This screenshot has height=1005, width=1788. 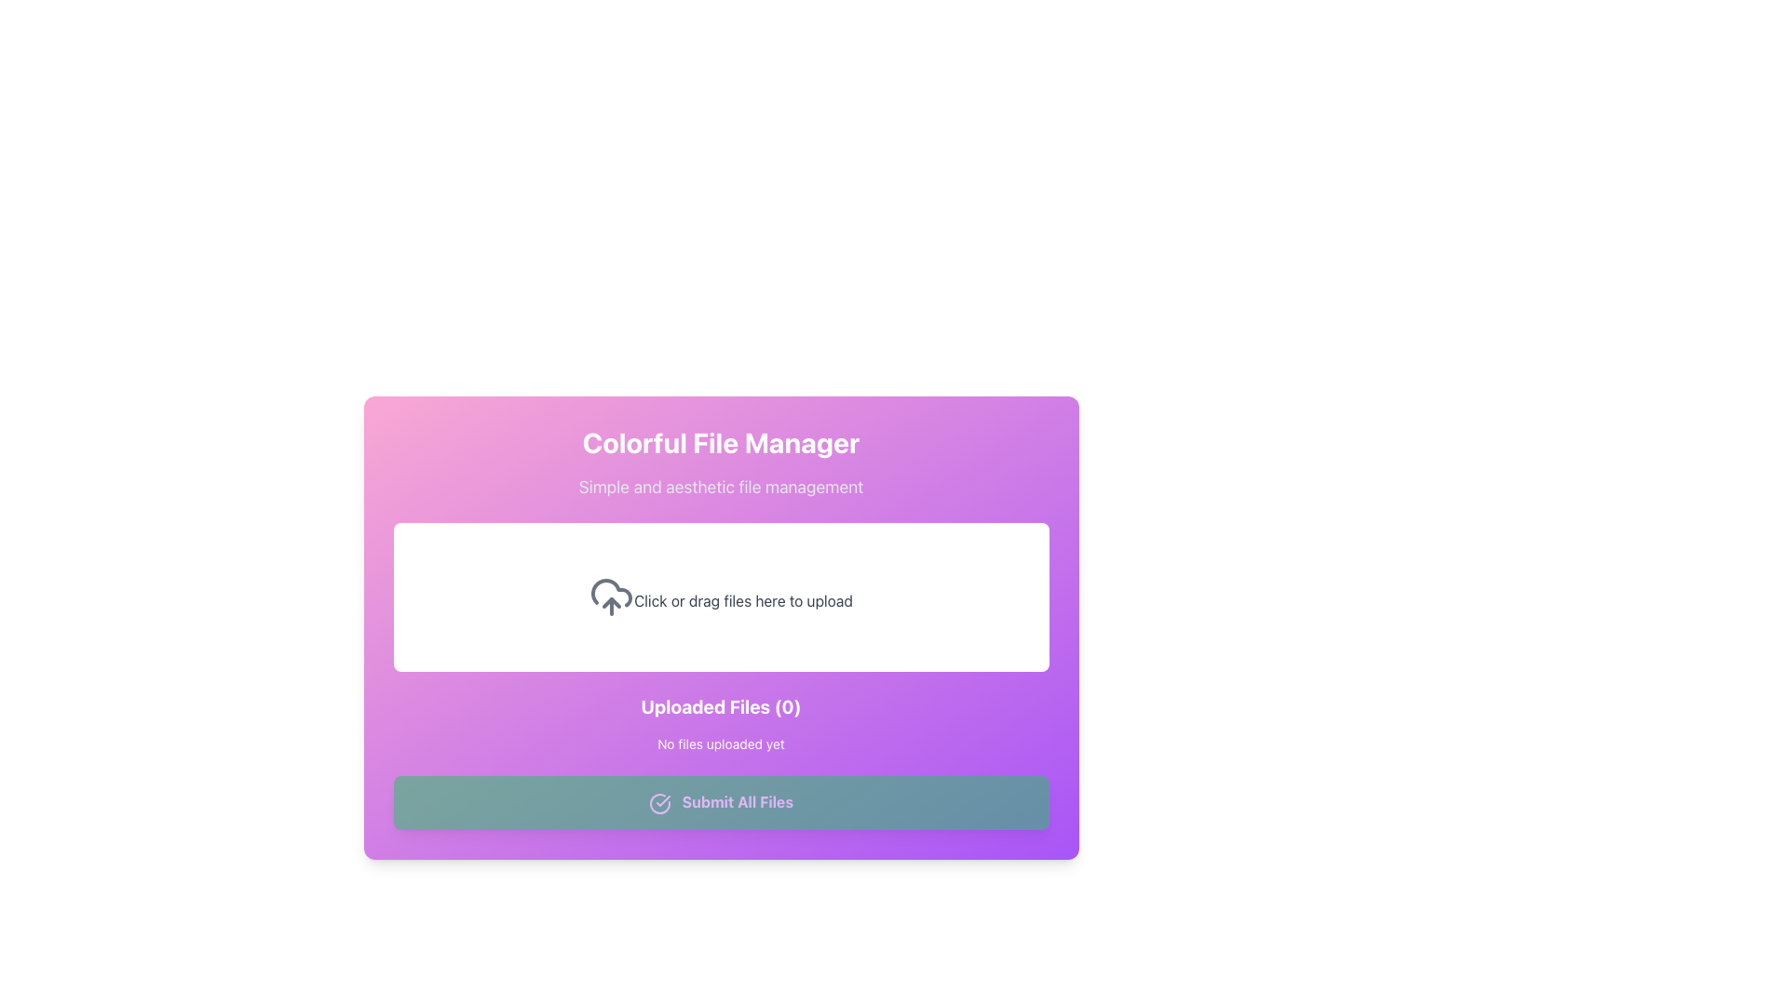 What do you see at coordinates (720, 706) in the screenshot?
I see `the label displaying 'Uploaded Files (0)' which indicates the file upload status, styled with bold white text on a purple gradient background` at bounding box center [720, 706].